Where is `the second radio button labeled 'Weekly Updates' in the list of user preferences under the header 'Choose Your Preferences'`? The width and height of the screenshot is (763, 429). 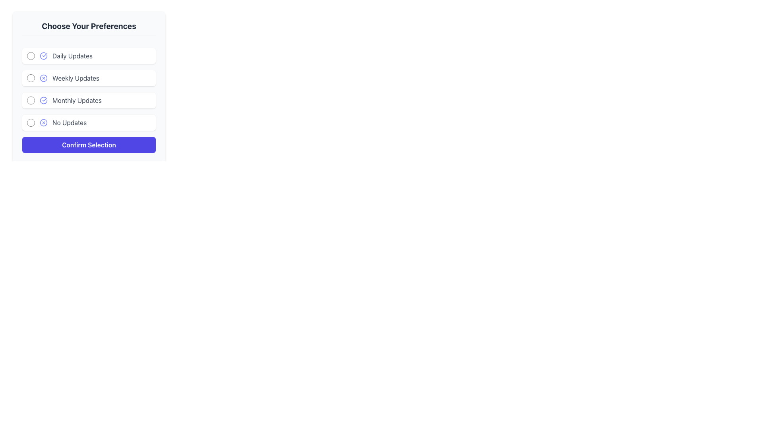 the second radio button labeled 'Weekly Updates' in the list of user preferences under the header 'Choose Your Preferences' is located at coordinates (31, 78).